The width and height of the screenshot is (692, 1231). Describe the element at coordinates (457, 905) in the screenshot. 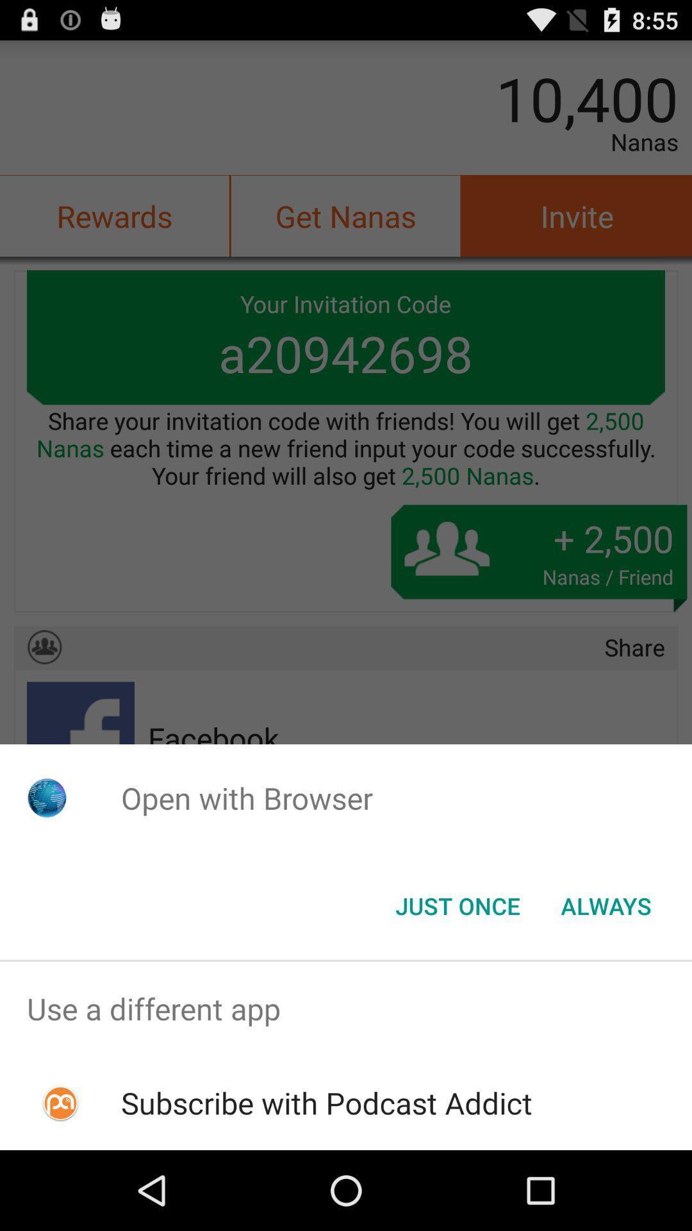

I see `button to the left of the always item` at that location.